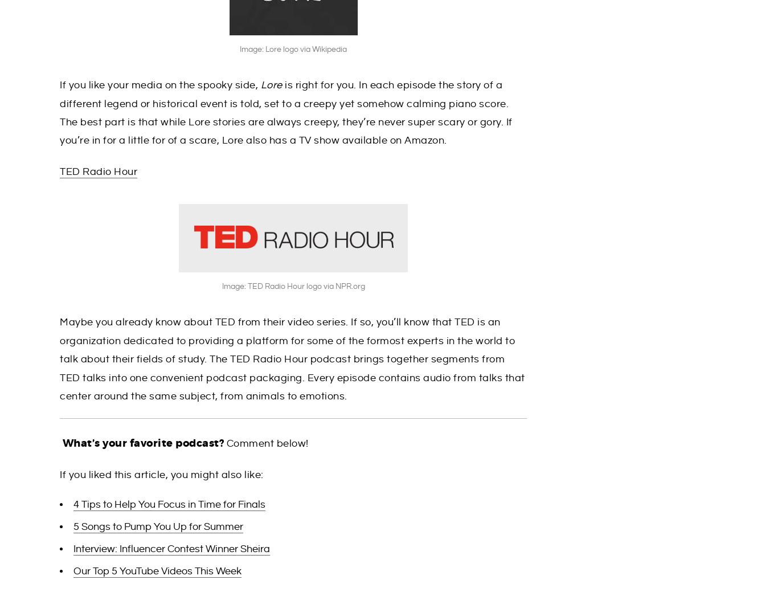 The height and width of the screenshot is (592, 769). Describe the element at coordinates (292, 285) in the screenshot. I see `'Image: TED Radio Hour logo via NPR.org'` at that location.